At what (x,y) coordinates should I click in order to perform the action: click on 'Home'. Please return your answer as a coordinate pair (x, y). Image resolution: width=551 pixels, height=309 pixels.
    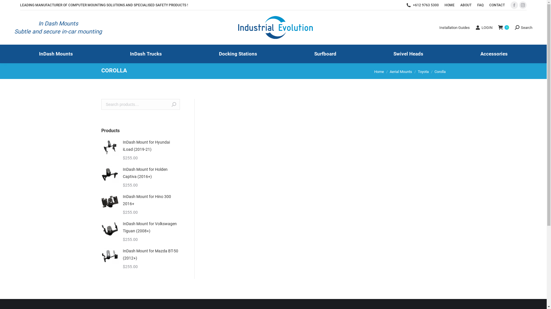
    Looking at the image, I should click on (379, 71).